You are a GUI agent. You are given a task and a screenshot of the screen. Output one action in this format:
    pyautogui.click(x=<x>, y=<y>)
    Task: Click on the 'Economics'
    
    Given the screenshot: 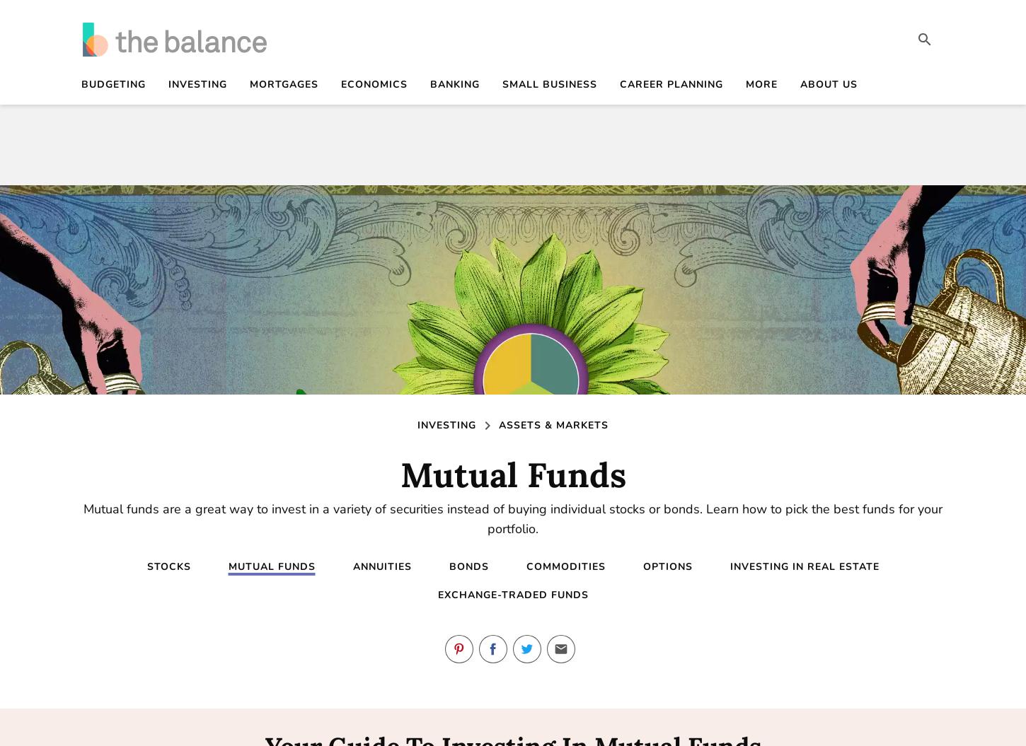 What is the action you would take?
    pyautogui.click(x=374, y=84)
    